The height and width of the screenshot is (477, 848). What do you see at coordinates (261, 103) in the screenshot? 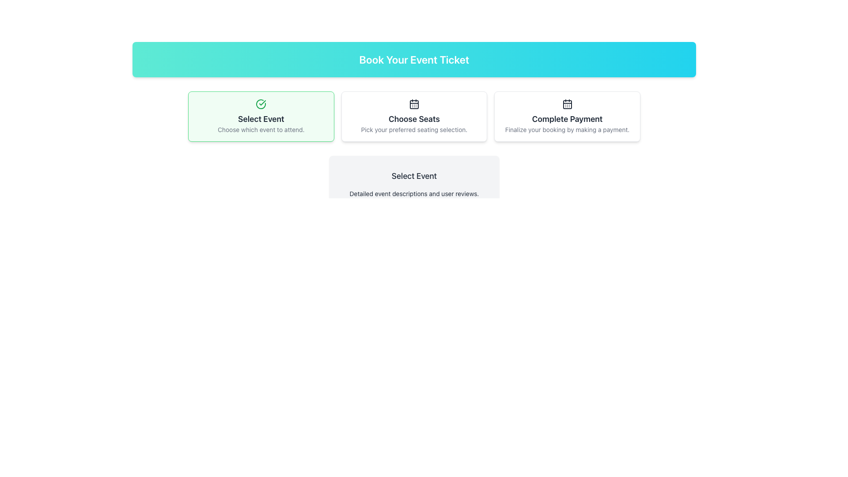
I see `the decorative confirmation icon centered at the top section of the 'Select Event' card, which is located directly above the text contents` at bounding box center [261, 103].